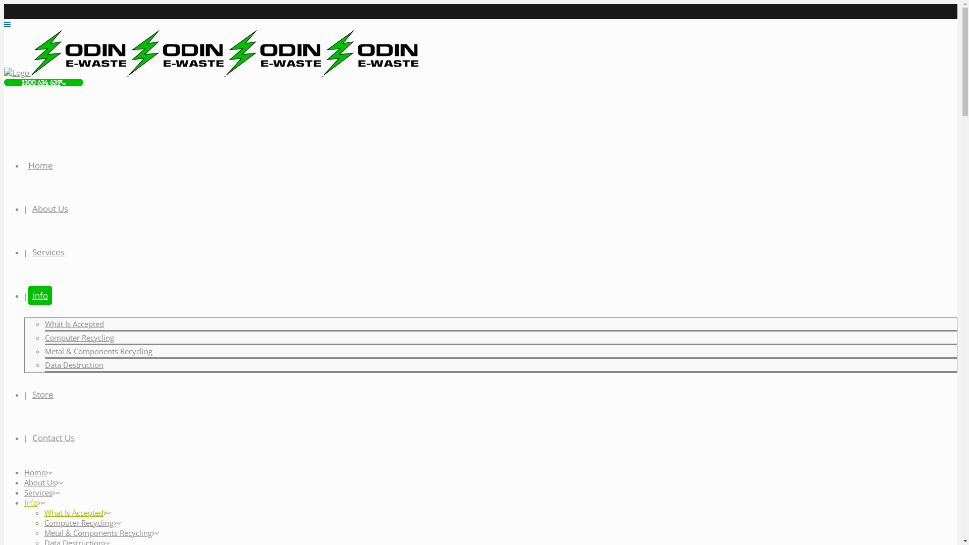  Describe the element at coordinates (42, 394) in the screenshot. I see `'Store'` at that location.